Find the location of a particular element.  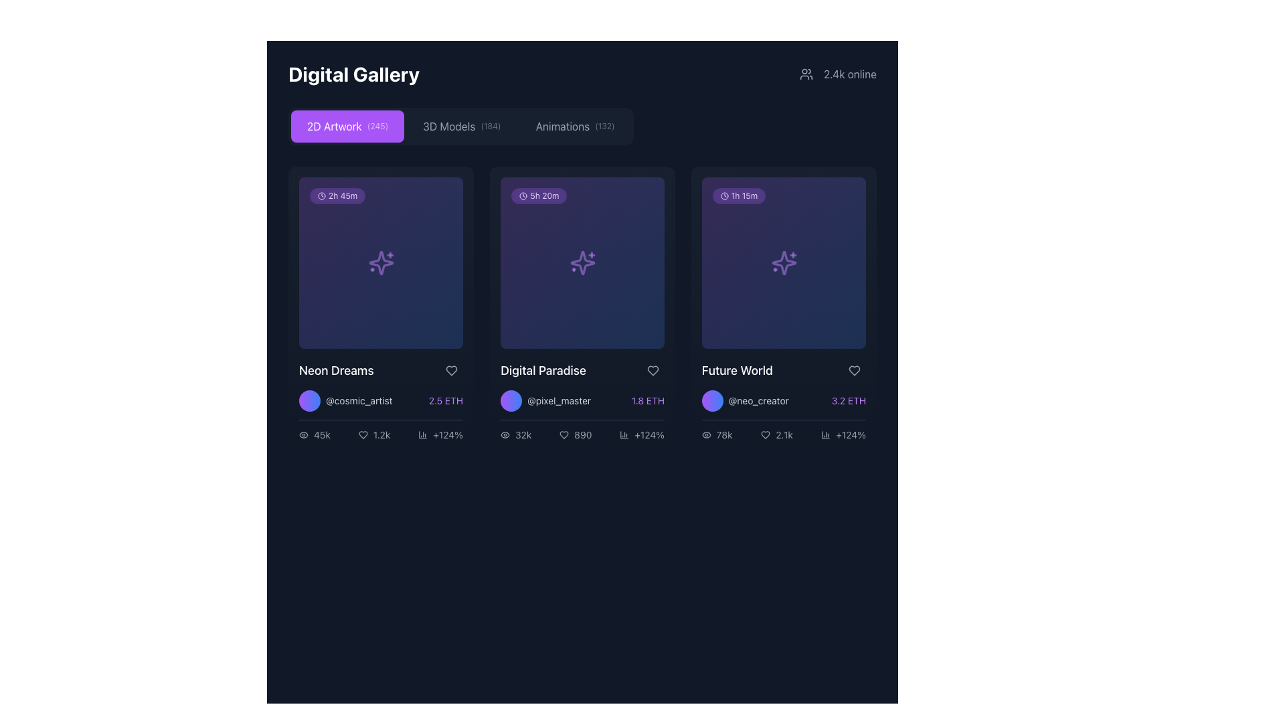

the text label displaying the price in Ethereum (ETH) for the 'Future World' item, located at the bottom right corner of the card, adjacent to a heart-like icon is located at coordinates (848, 400).